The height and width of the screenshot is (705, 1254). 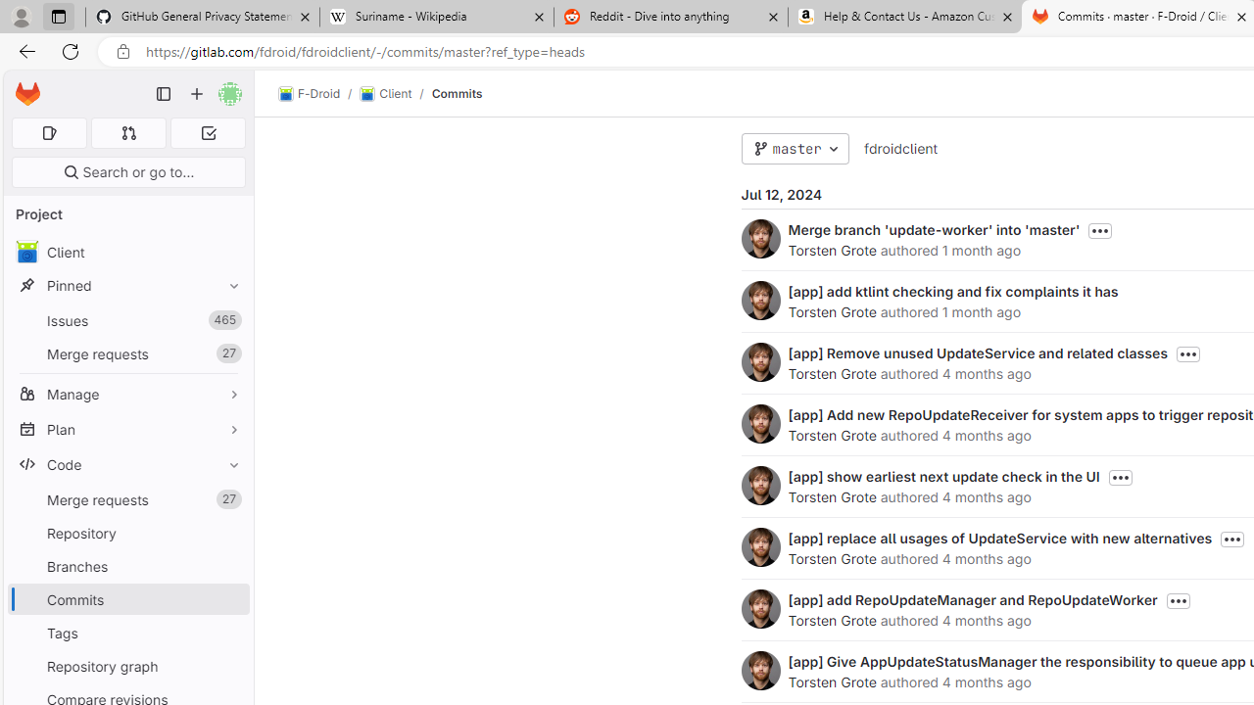 I want to click on 'Unpin Issues', so click(x=229, y=319).